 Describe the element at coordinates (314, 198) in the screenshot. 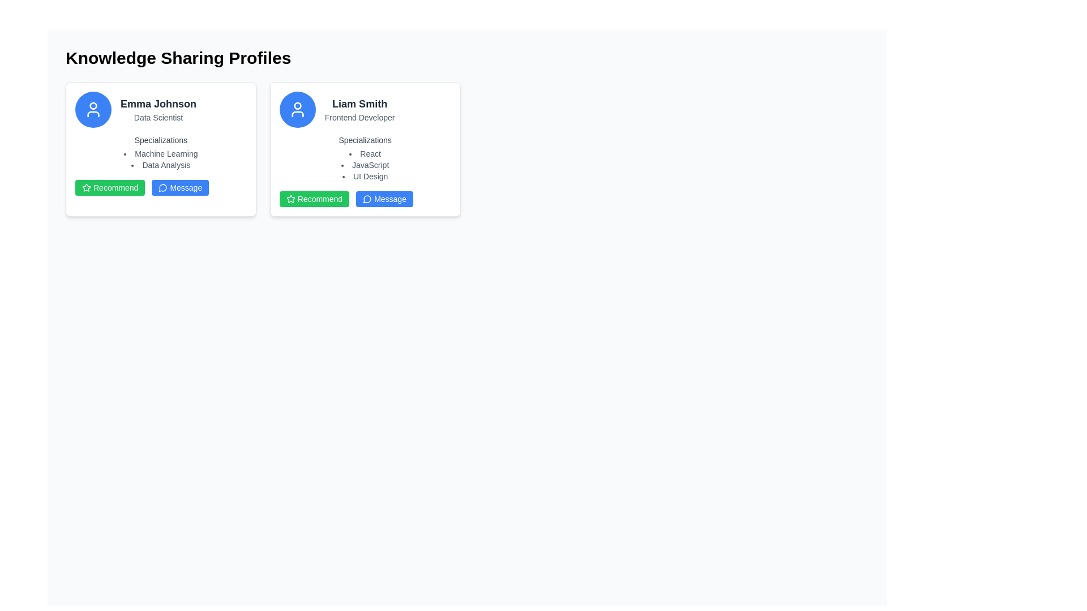

I see `the 'Recommend' button with a green background located in the 'Liam Smith' profile card, positioned to the left of the 'Message' button` at that location.